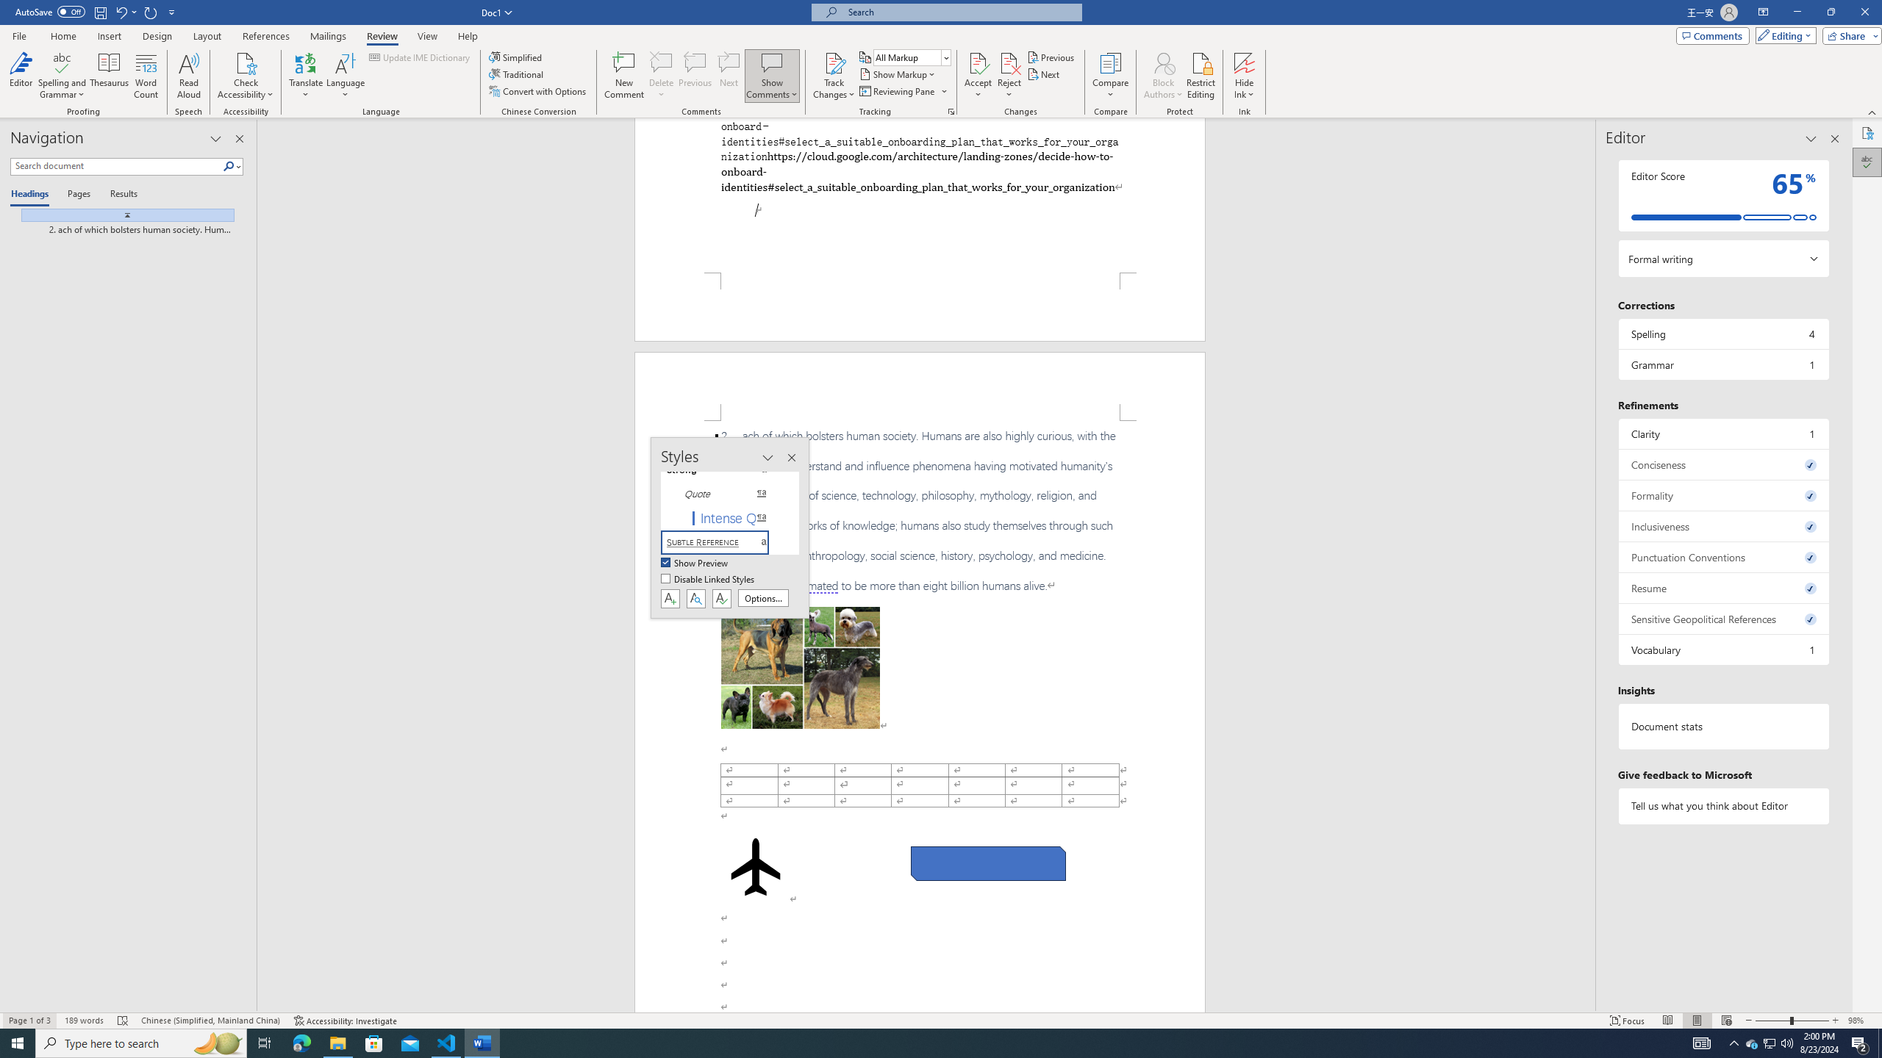 This screenshot has height=1058, width=1882. What do you see at coordinates (920, 195) in the screenshot?
I see `'Page 1 content'` at bounding box center [920, 195].